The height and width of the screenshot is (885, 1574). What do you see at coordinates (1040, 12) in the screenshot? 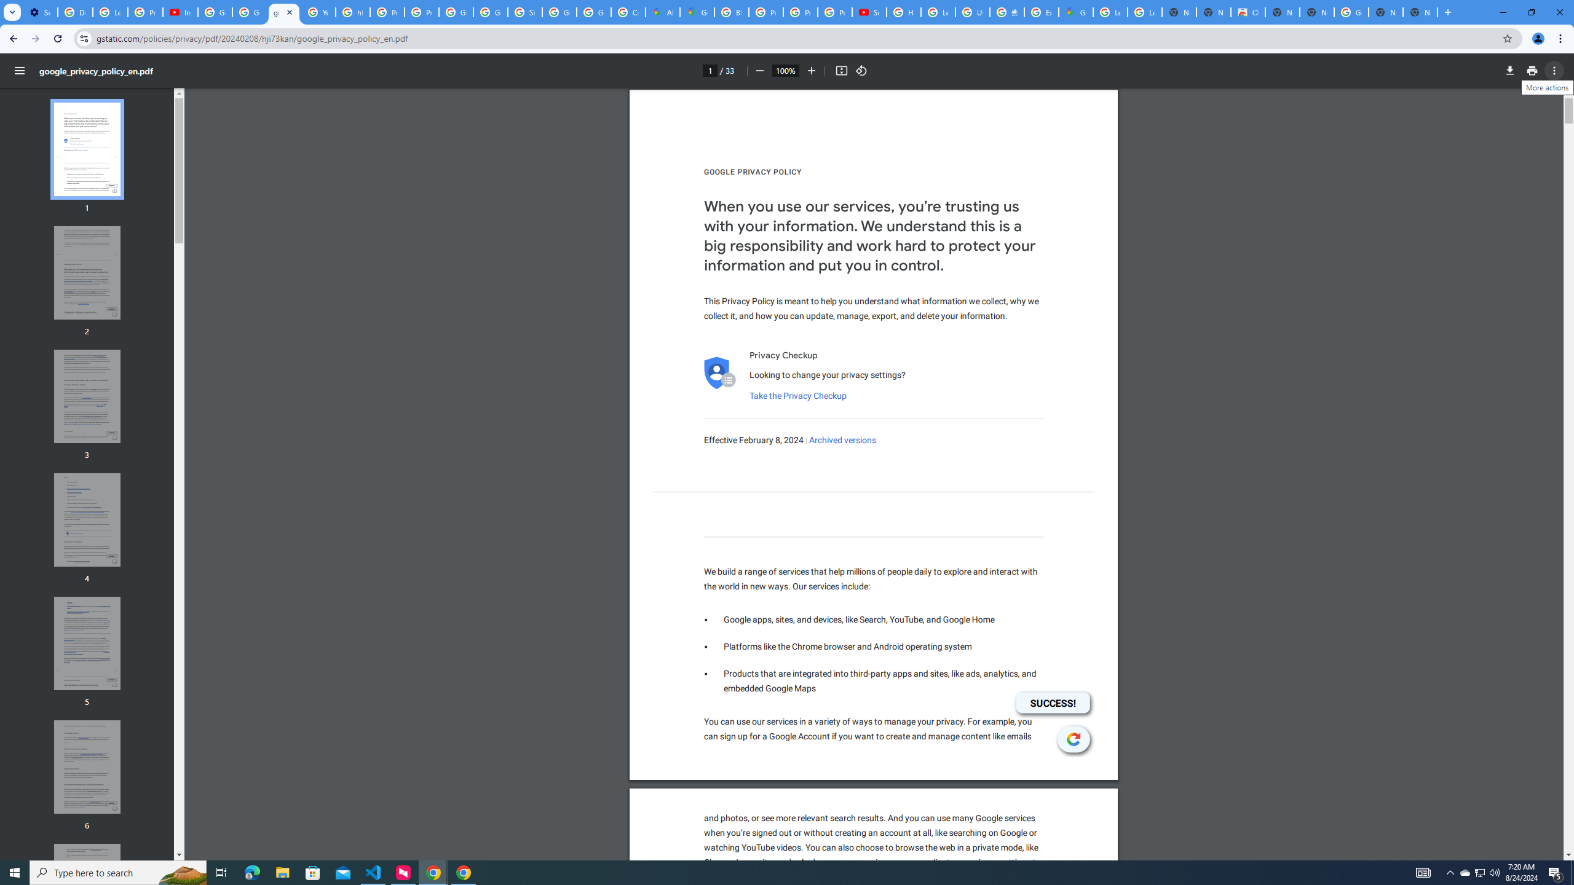
I see `'Explore new street-level details - Google Maps Help'` at bounding box center [1040, 12].